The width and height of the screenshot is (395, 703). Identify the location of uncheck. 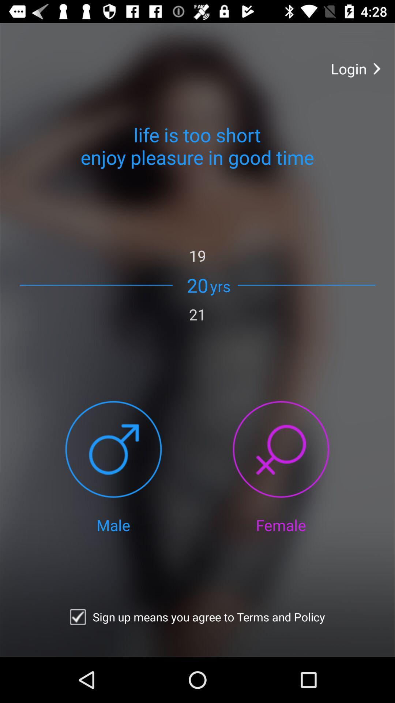
(78, 617).